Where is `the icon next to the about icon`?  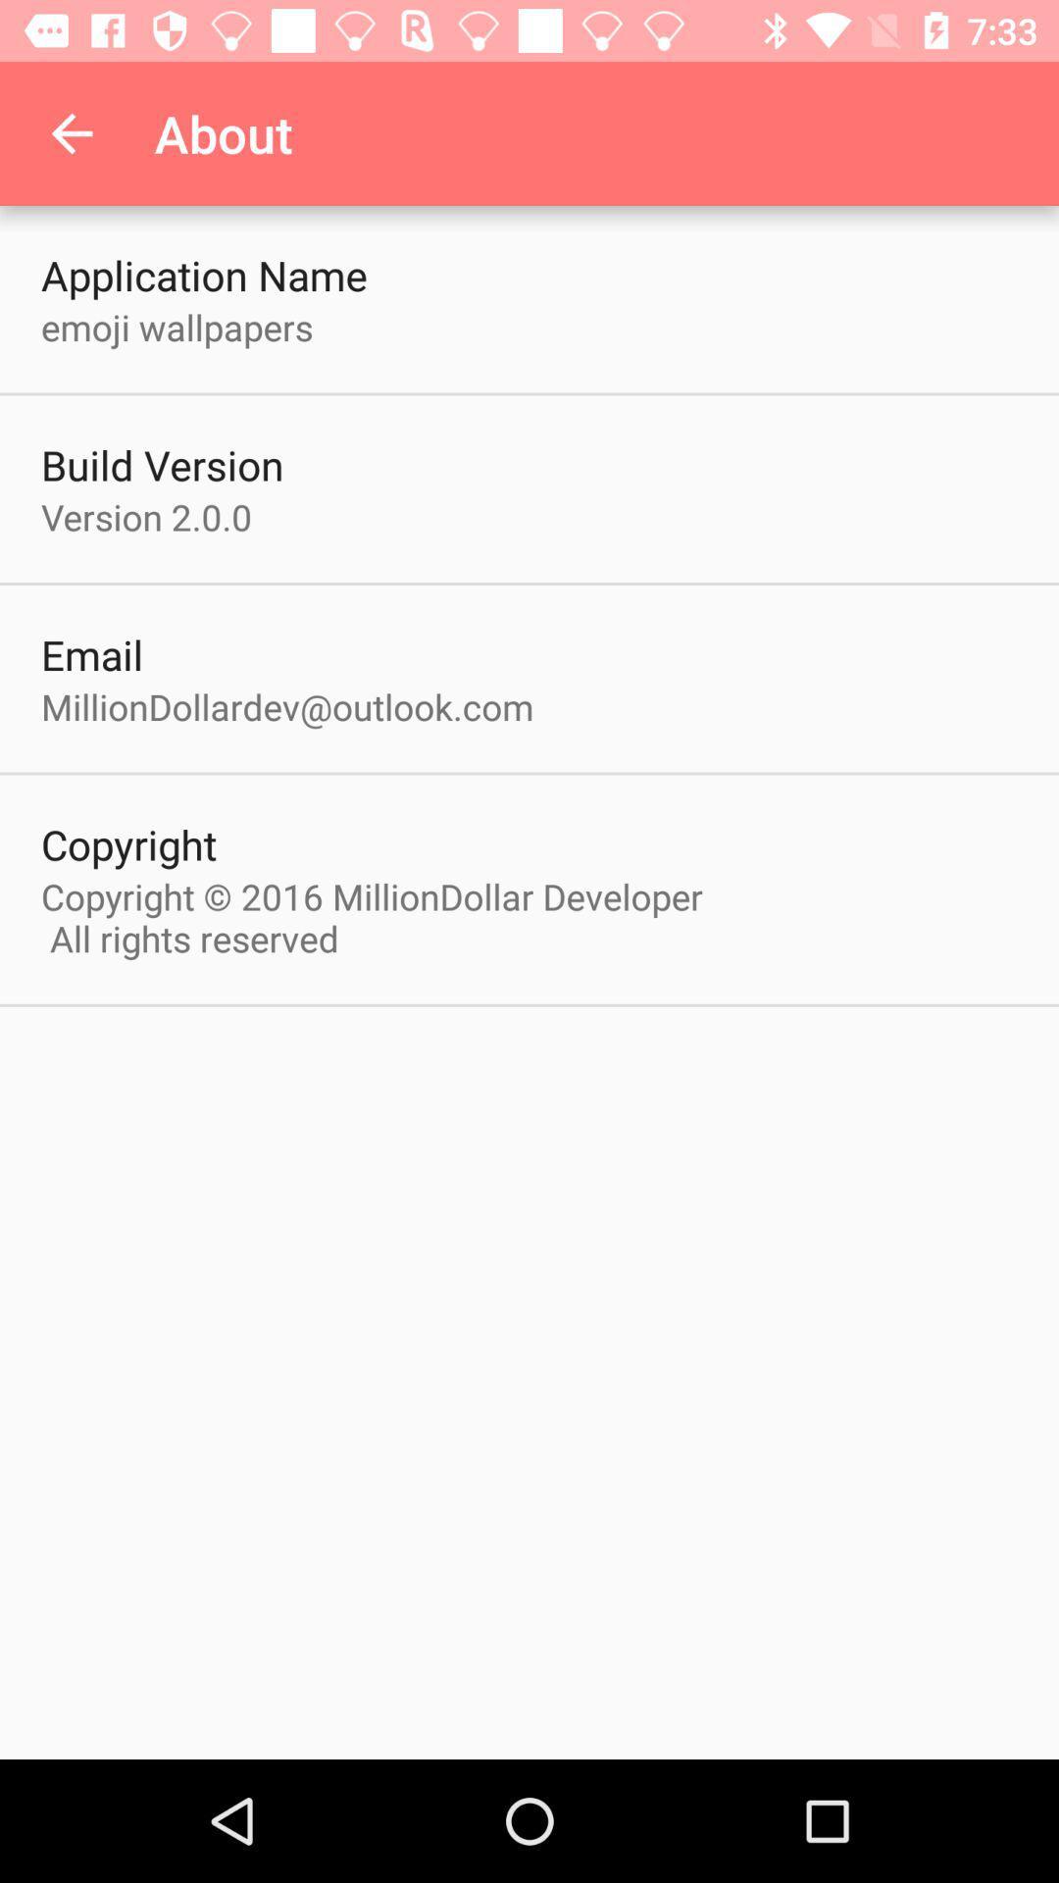
the icon next to the about icon is located at coordinates (71, 132).